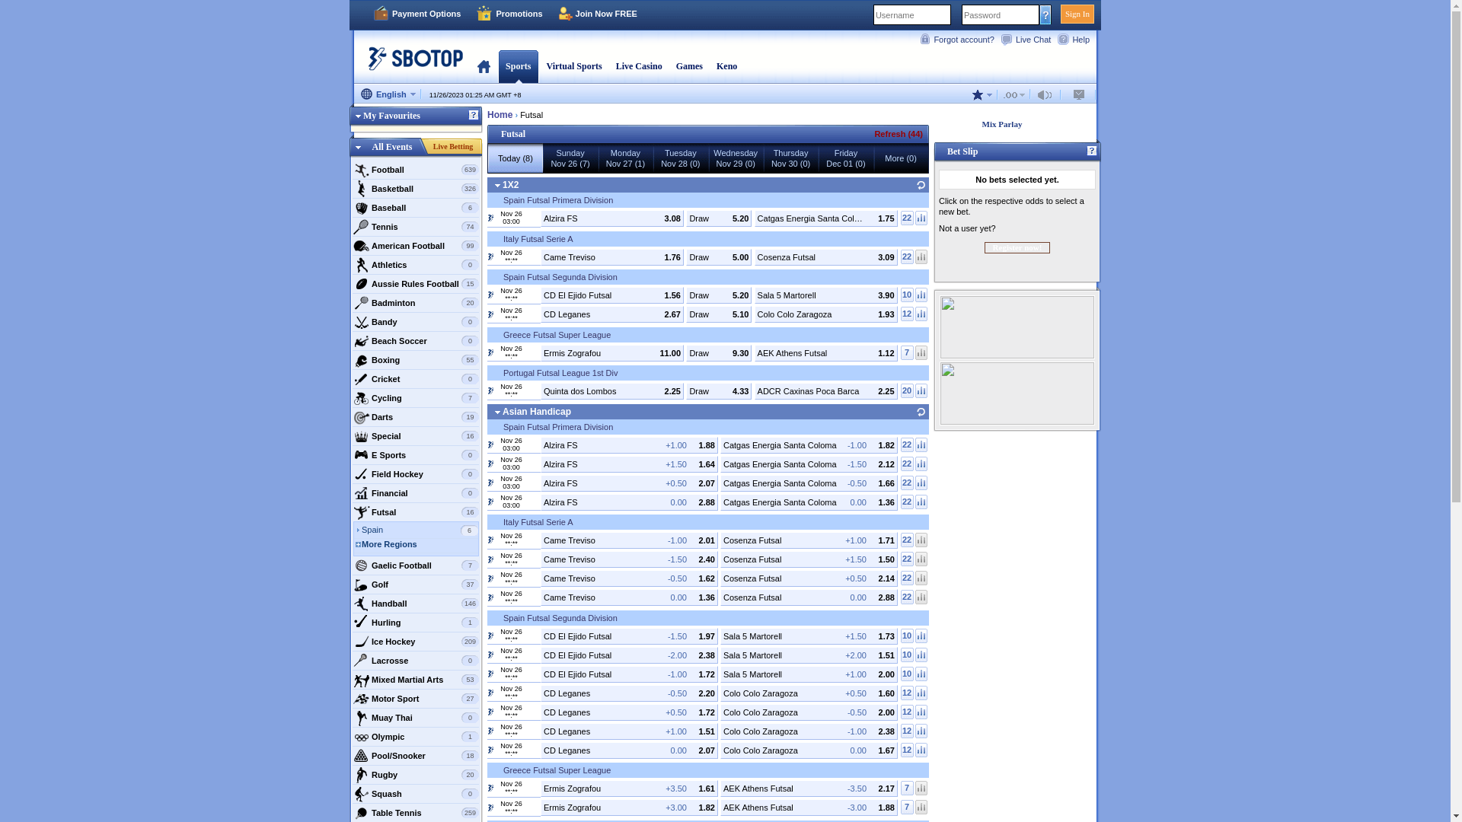 The height and width of the screenshot is (822, 1462). I want to click on '10', so click(907, 673).